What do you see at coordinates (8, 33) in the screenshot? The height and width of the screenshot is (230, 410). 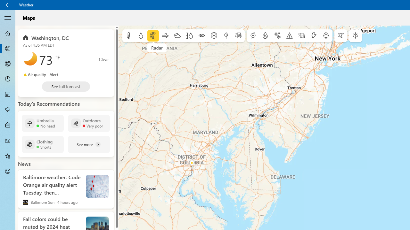 I see `'Forecast - Not Selected'` at bounding box center [8, 33].